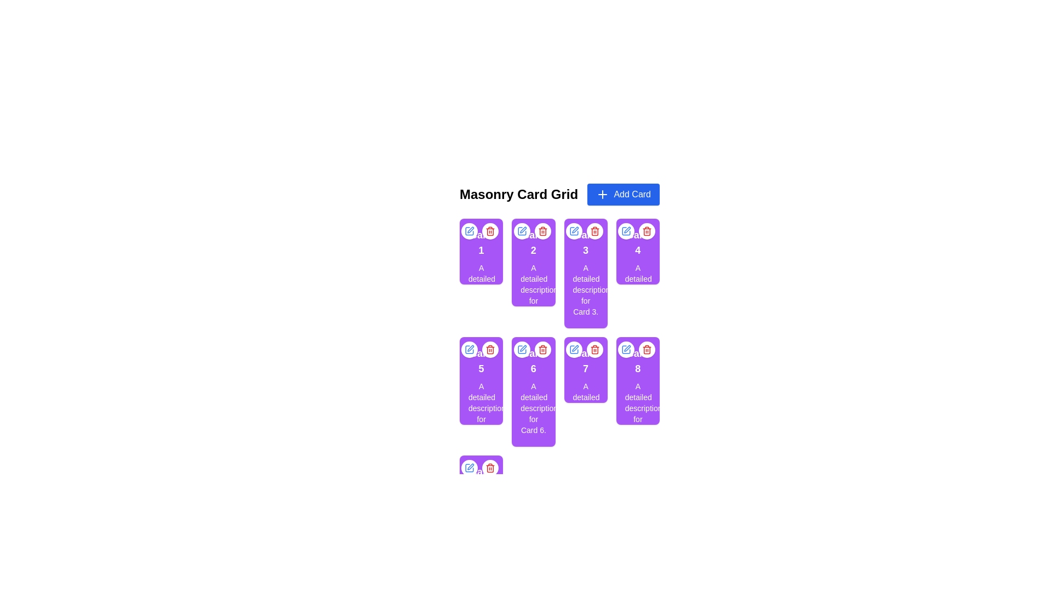  I want to click on the delete button located in the button group at the top-right corner of the purple rectangular card labeled 'Card 9', so click(480, 468).